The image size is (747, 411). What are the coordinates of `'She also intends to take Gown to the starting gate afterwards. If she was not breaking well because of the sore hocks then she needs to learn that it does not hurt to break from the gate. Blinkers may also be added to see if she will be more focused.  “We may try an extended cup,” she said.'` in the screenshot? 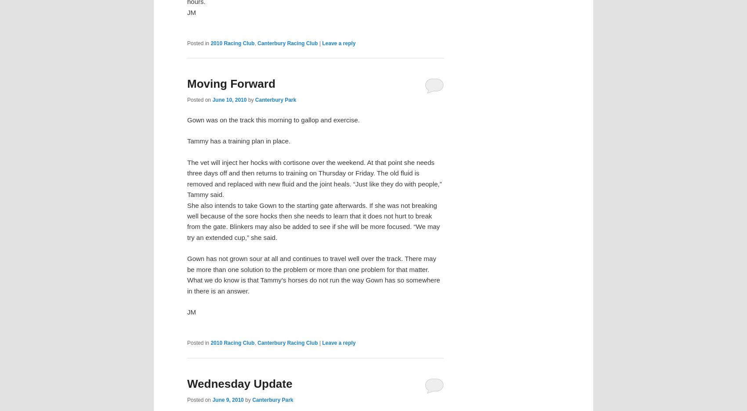 It's located at (187, 221).